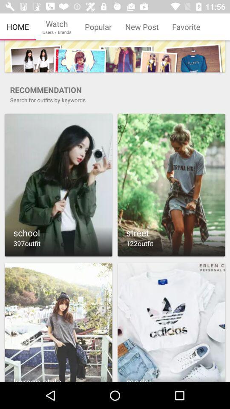 The image size is (230, 409). What do you see at coordinates (171, 185) in the screenshot?
I see `reccomended option street` at bounding box center [171, 185].